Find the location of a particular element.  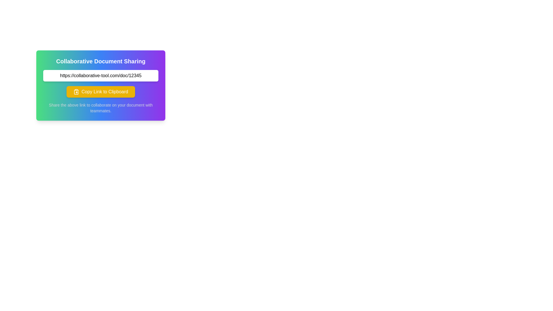

the static text block displaying the message 'Share the above link to collaborate on your document with teammates.' which is styled in a smaller gray font and located below the 'Copy Link to Clipboard' button is located at coordinates (101, 108).